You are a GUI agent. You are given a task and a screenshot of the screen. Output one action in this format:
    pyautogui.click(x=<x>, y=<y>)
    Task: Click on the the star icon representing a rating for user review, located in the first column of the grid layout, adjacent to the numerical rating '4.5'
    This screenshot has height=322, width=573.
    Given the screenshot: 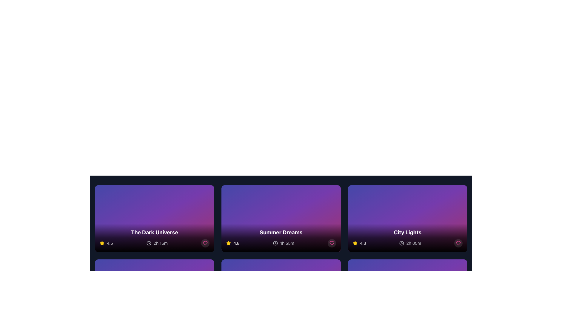 What is the action you would take?
    pyautogui.click(x=102, y=243)
    